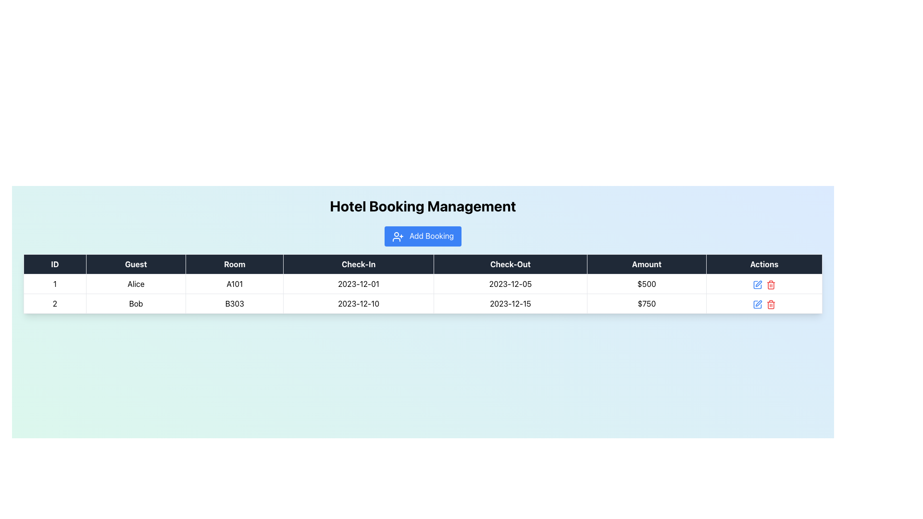  Describe the element at coordinates (235, 283) in the screenshot. I see `the text label displaying 'A101' in the 'Room' column of the first row of the table` at that location.